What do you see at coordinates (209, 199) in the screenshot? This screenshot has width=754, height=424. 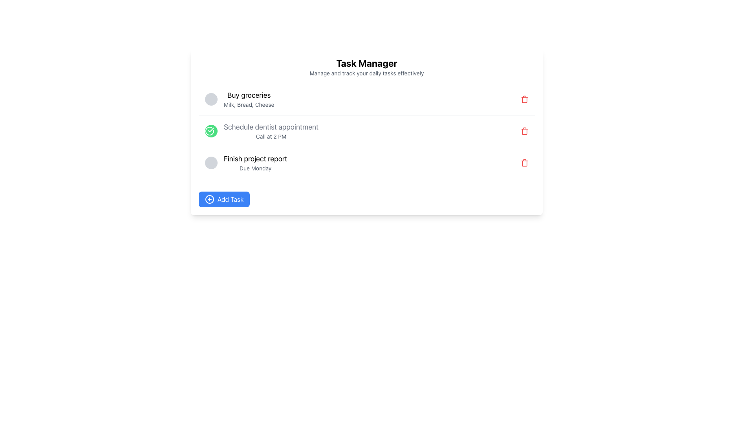 I see `the circular vector graphic element within the icon located to the left of the 'Add Task' button, which is styled as part of an SVG-based icon` at bounding box center [209, 199].